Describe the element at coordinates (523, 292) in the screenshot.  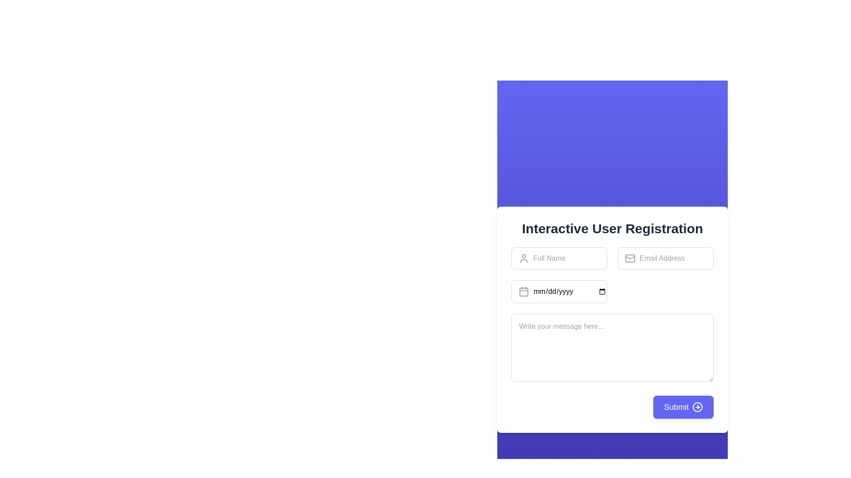
I see `the calendar icon, which is a rectangular icon with rounded edges, located to the left of the text field labeled 'mm/dd/yyyy'` at that location.